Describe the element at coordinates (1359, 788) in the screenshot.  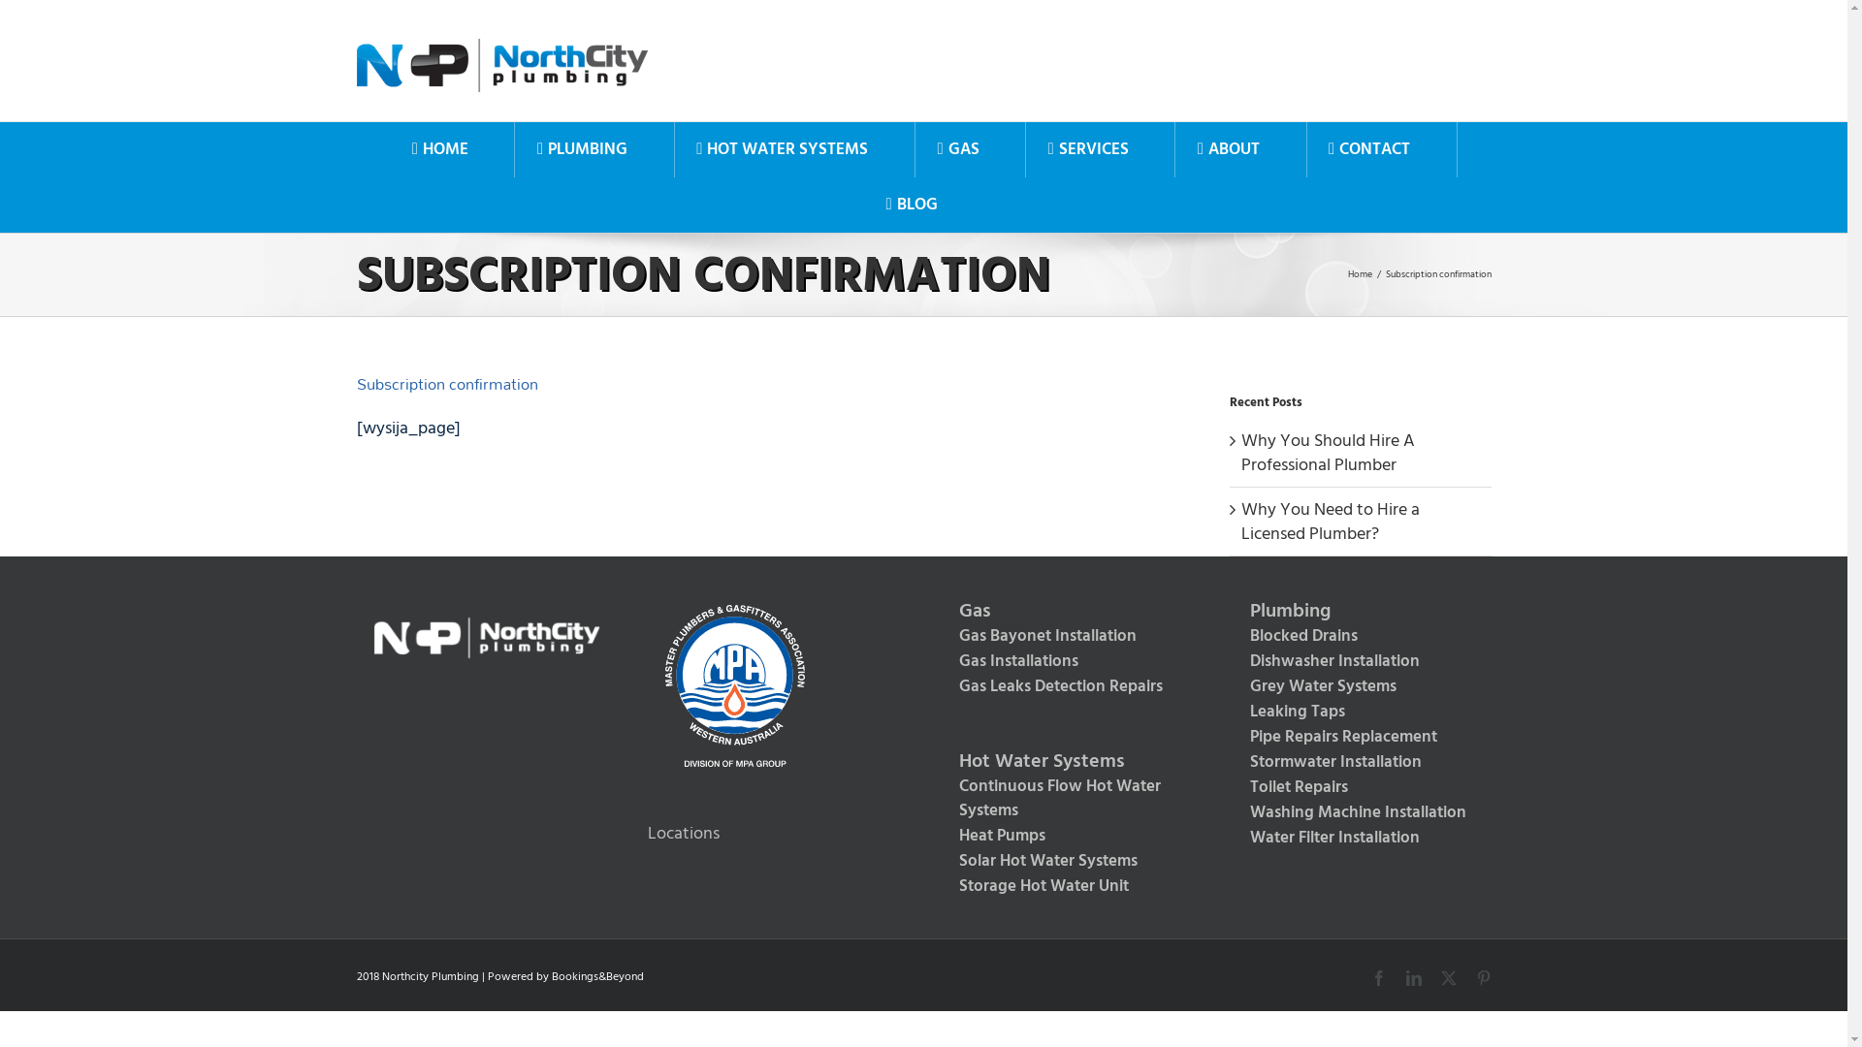
I see `'Toilet Repairs'` at that location.